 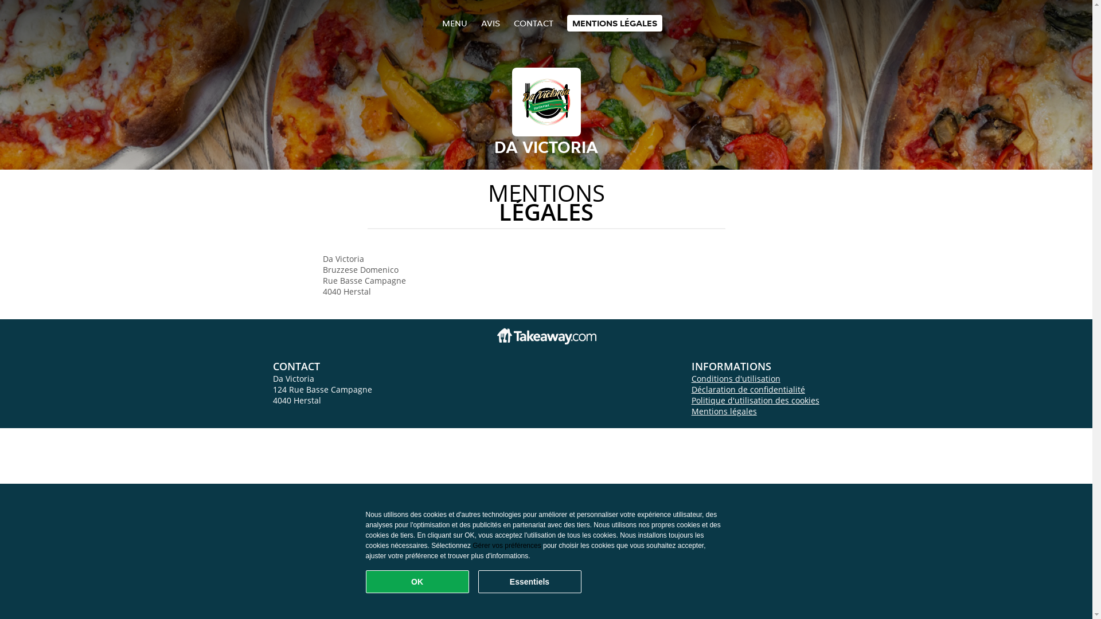 I want to click on 'MENU', so click(x=454, y=23).